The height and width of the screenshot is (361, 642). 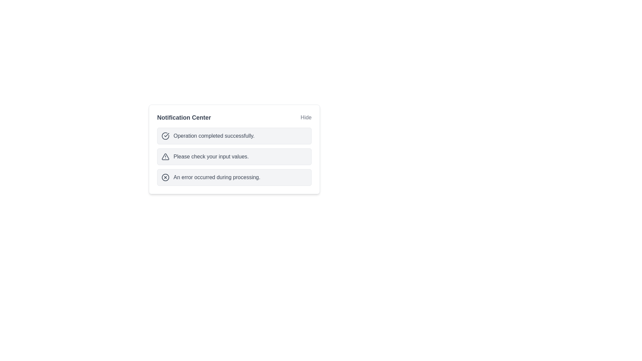 I want to click on the circular SVG icon that visually represents the successful completion of an operation, located before the text 'Operation completed successfully.' in the first row of the notification list, so click(x=167, y=135).